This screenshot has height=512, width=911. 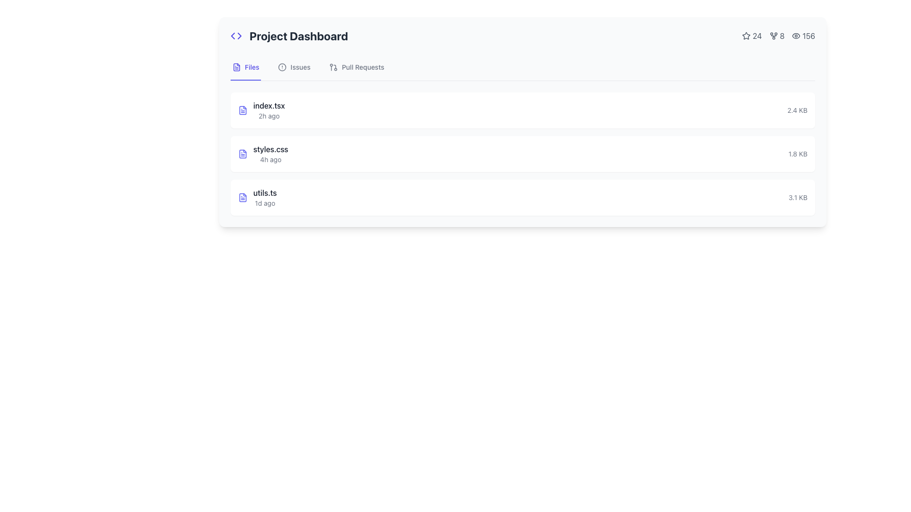 What do you see at coordinates (243, 153) in the screenshot?
I see `the indigo file icon representing 'styles.css' in the second row of the file listing section` at bounding box center [243, 153].